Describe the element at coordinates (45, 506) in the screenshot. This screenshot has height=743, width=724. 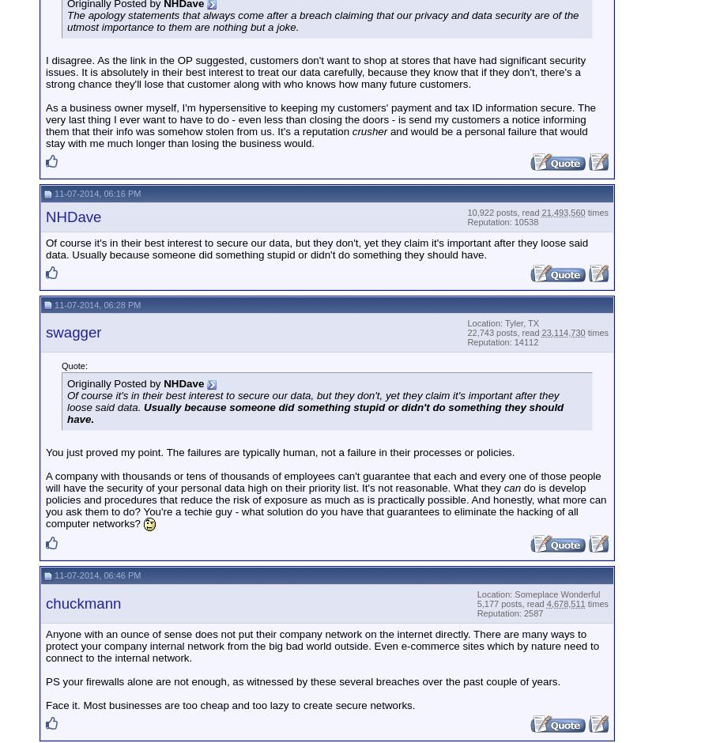
I see `'do is develop policies and procedures that reduce the risk of exposure as much as is practically possible. And honestly, what more can you ask them to do? You're a techie guy - what solution do you have that guarantees to eliminate the hacking of all computer networks?'` at that location.